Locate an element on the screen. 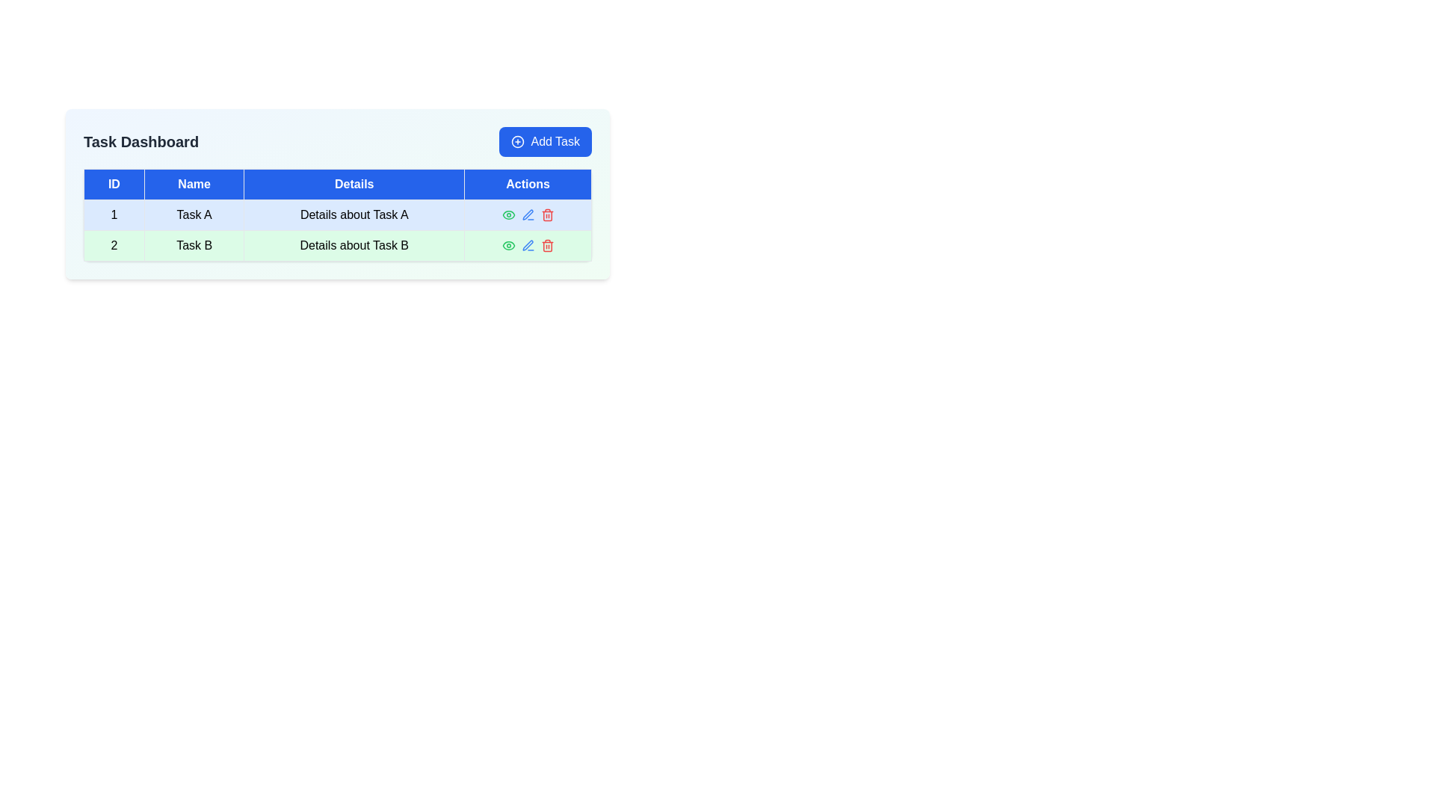  the text box located in the third column of the second row under the header labeled 'Details', which provides additional information related to 'Task B' is located at coordinates (354, 244).